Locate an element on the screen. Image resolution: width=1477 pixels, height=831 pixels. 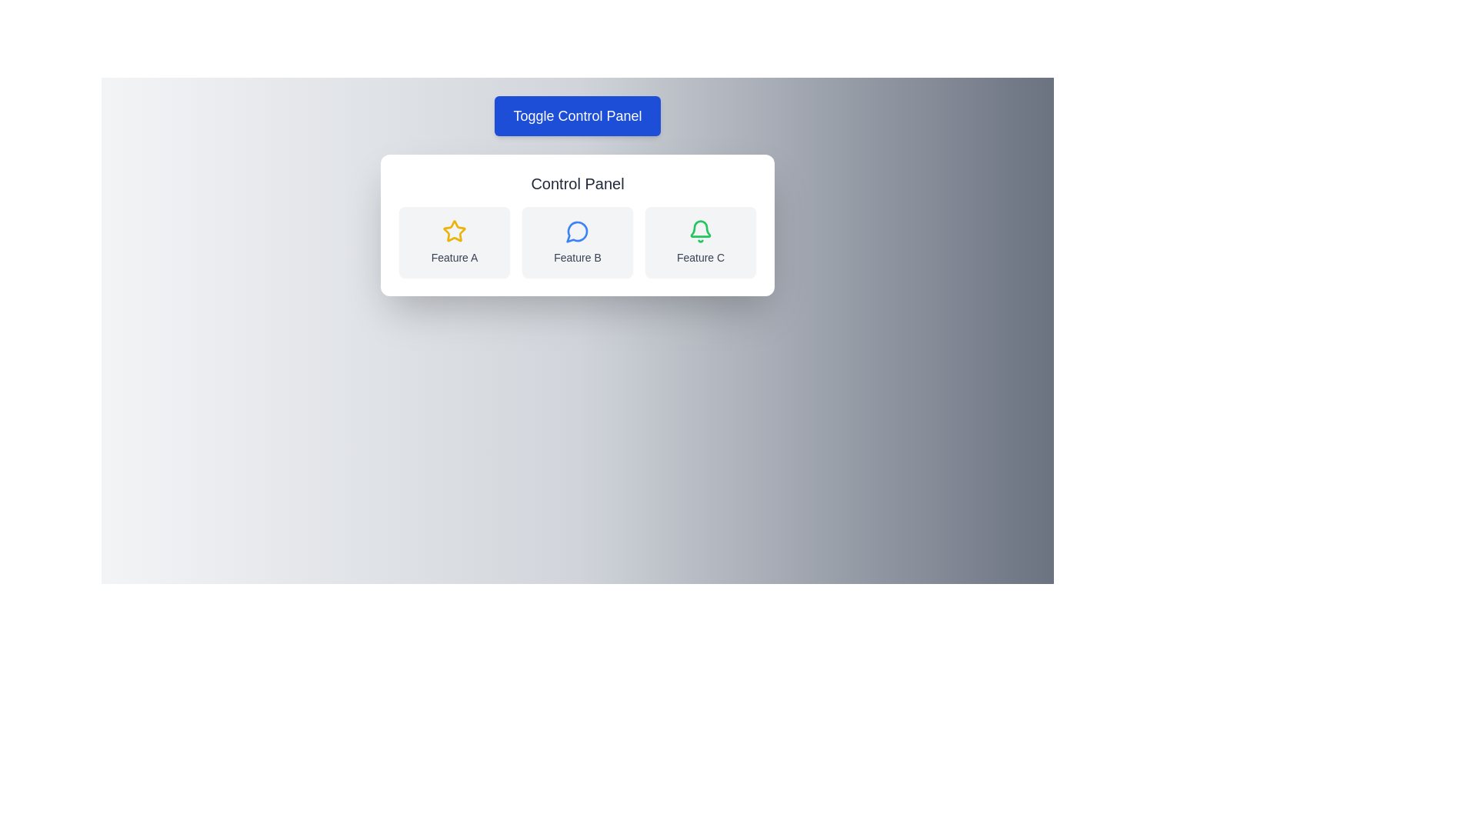
the Text Label that describes the central feature in the grid, located below the chat bubble icon is located at coordinates (576, 257).